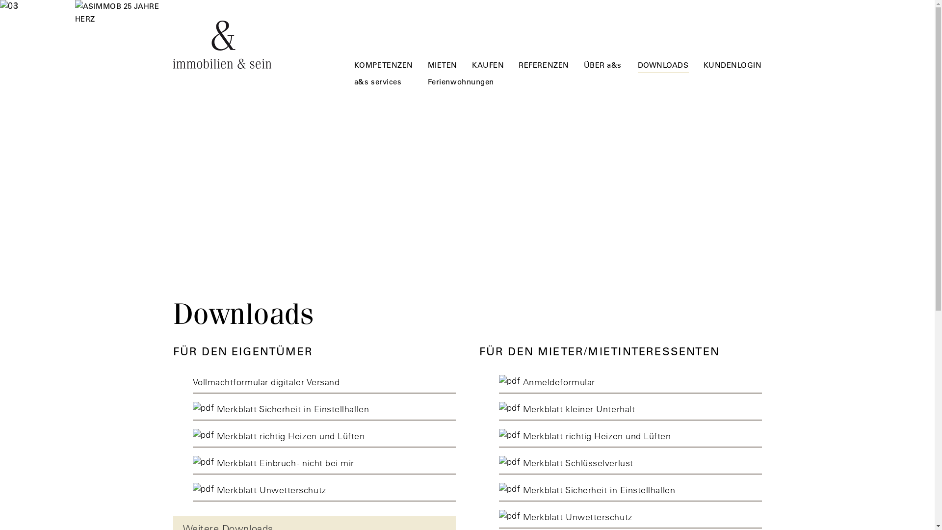  Describe the element at coordinates (629, 516) in the screenshot. I see `'Merkblatt Unwetterschutz'` at that location.